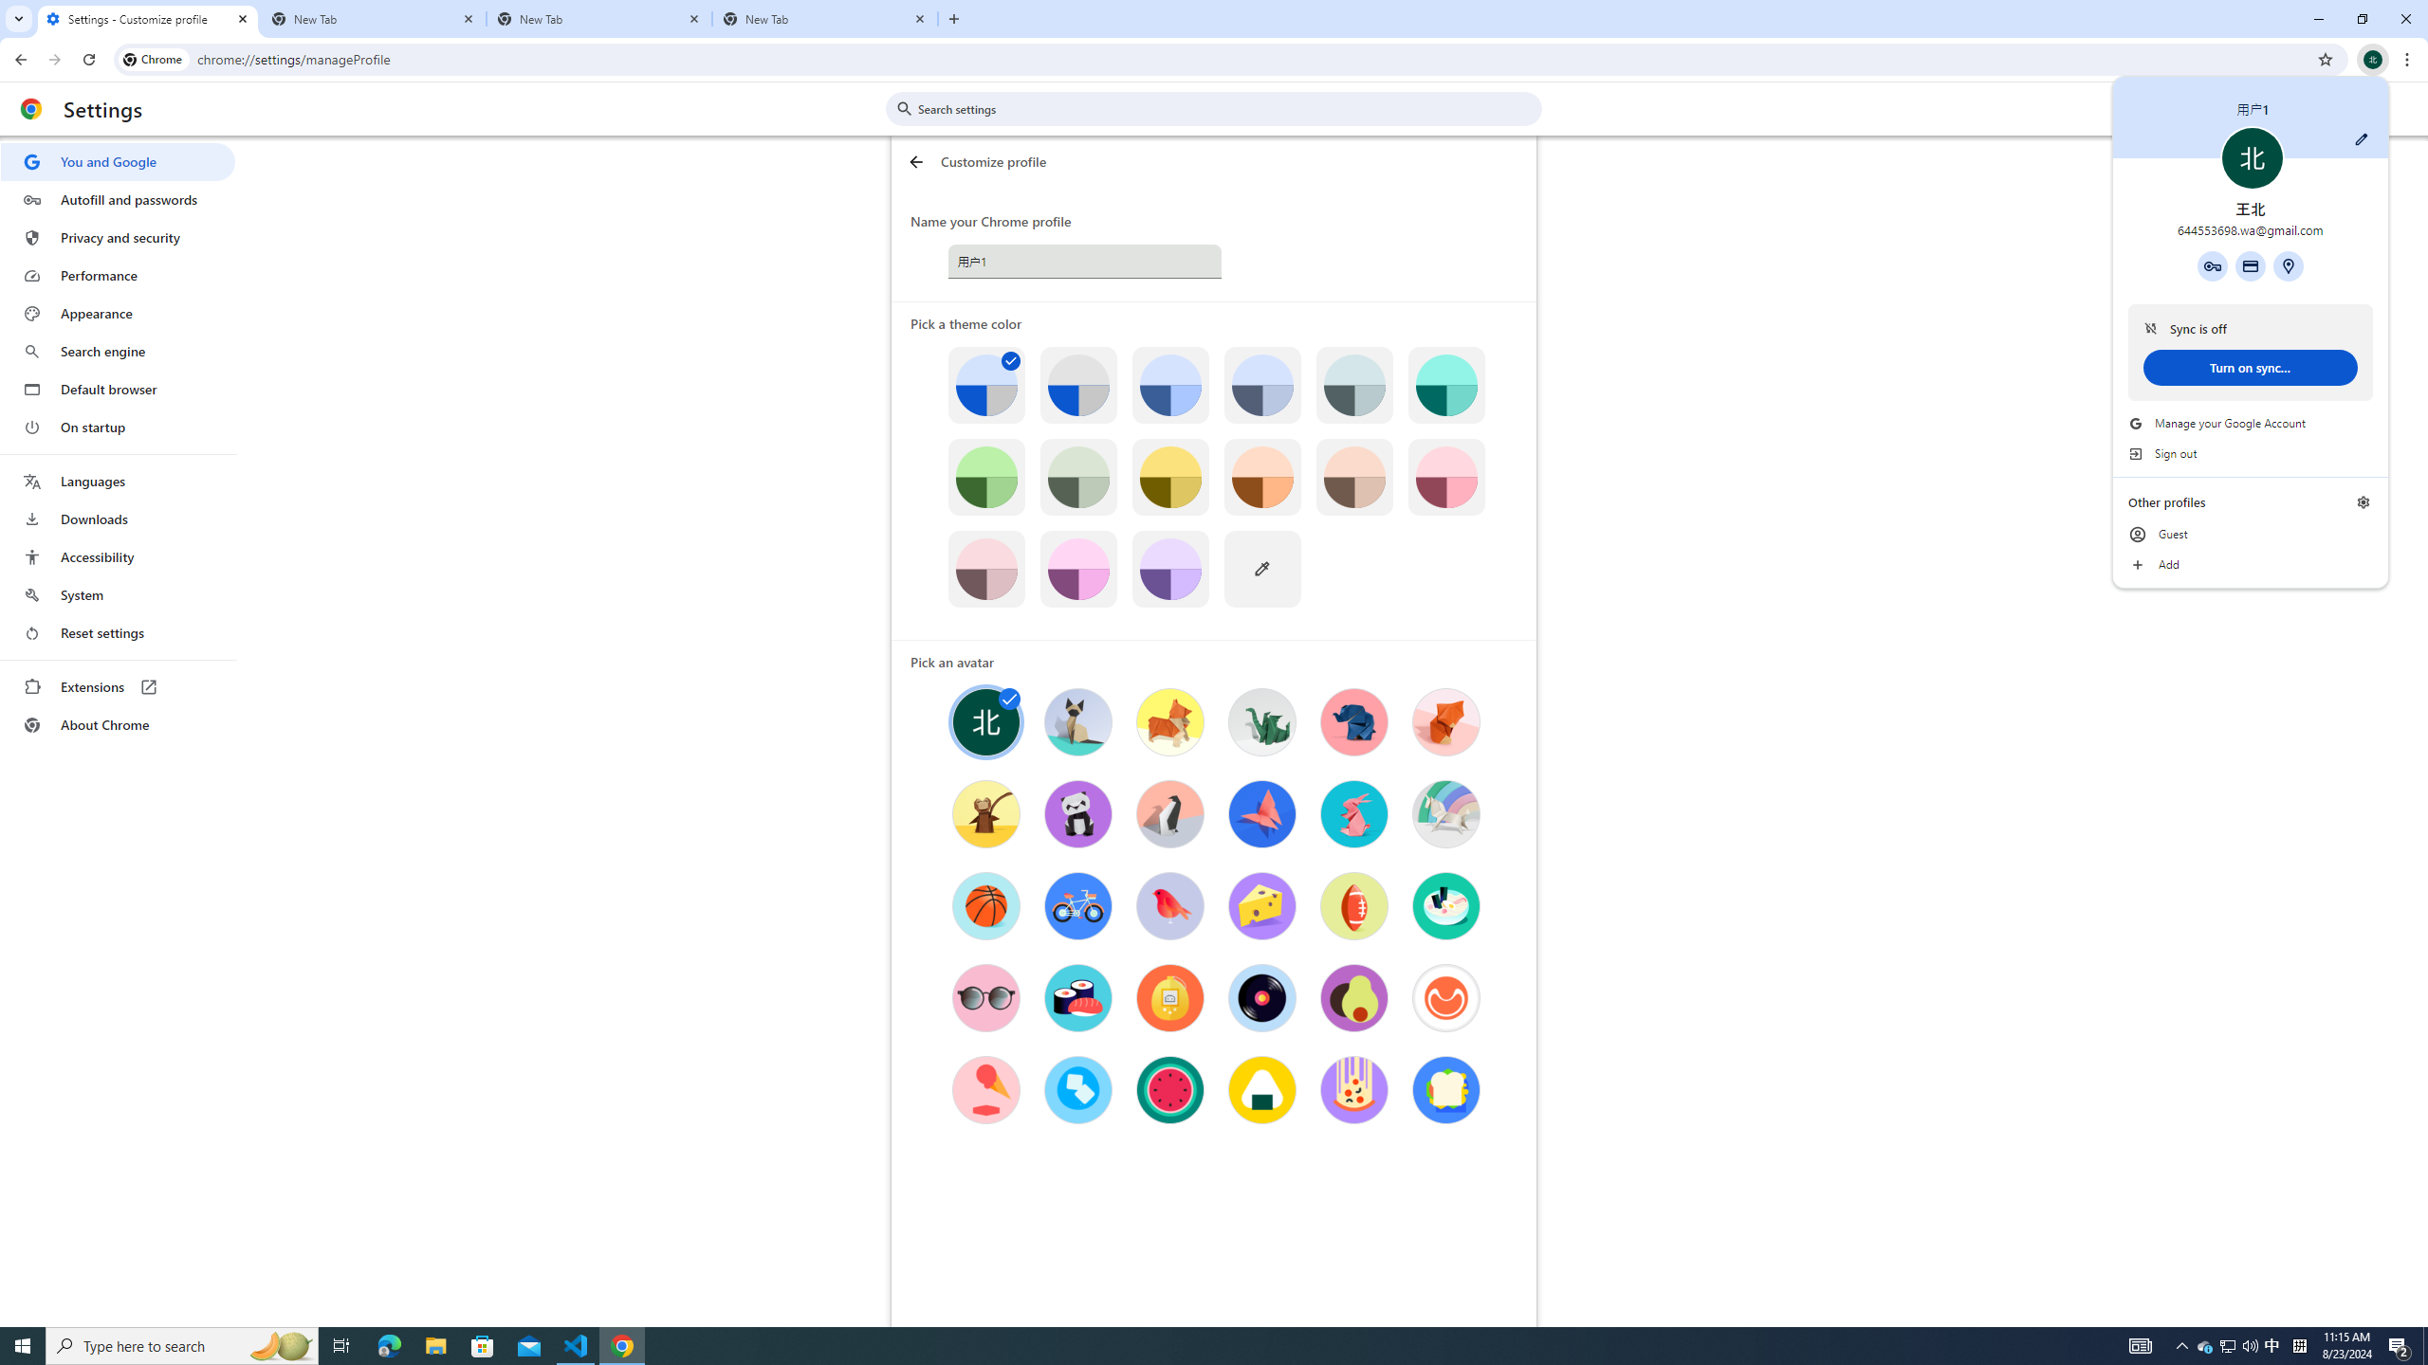  Describe the element at coordinates (2299, 1344) in the screenshot. I see `'Tray Input Indicator - Chinese (Simplified, China)'` at that location.